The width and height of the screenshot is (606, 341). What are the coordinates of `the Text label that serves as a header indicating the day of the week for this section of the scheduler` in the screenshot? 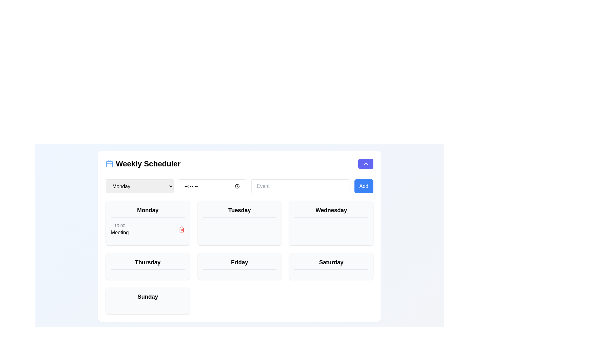 It's located at (147, 212).